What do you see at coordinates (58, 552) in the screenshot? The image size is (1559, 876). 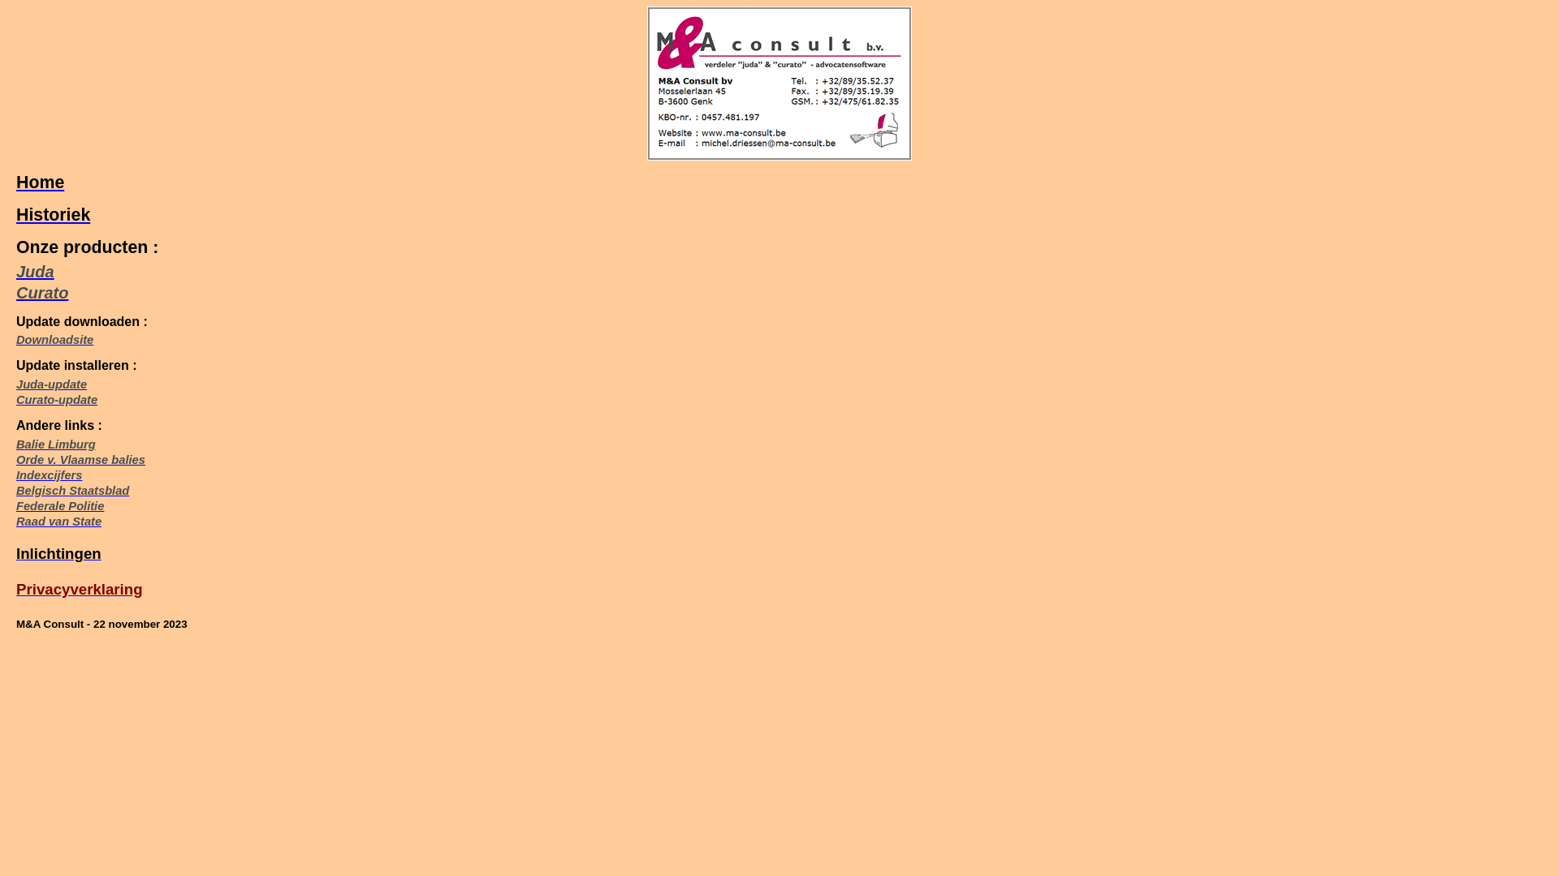 I see `'Inlichtingen'` at bounding box center [58, 552].